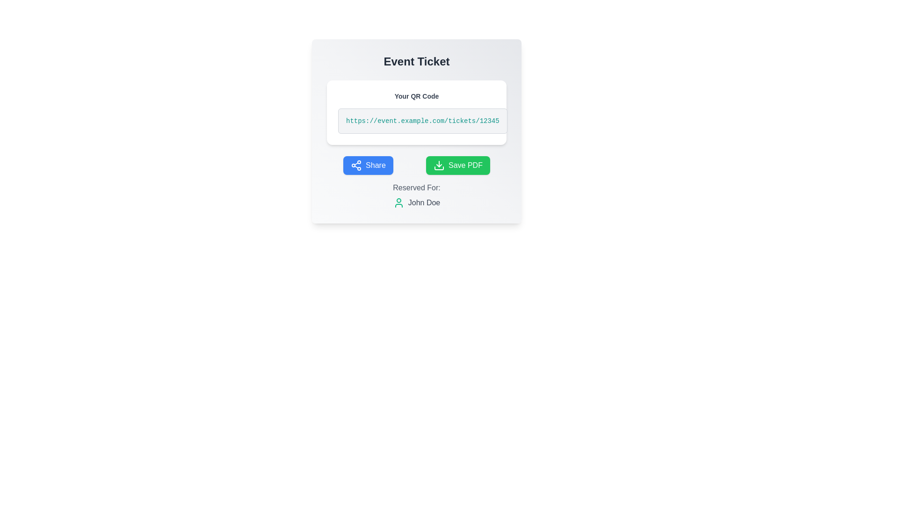 The width and height of the screenshot is (898, 505). I want to click on the hyperlink 'https://event.example.com/tickets/12345' styled with a light gray background and teal text, so click(422, 120).